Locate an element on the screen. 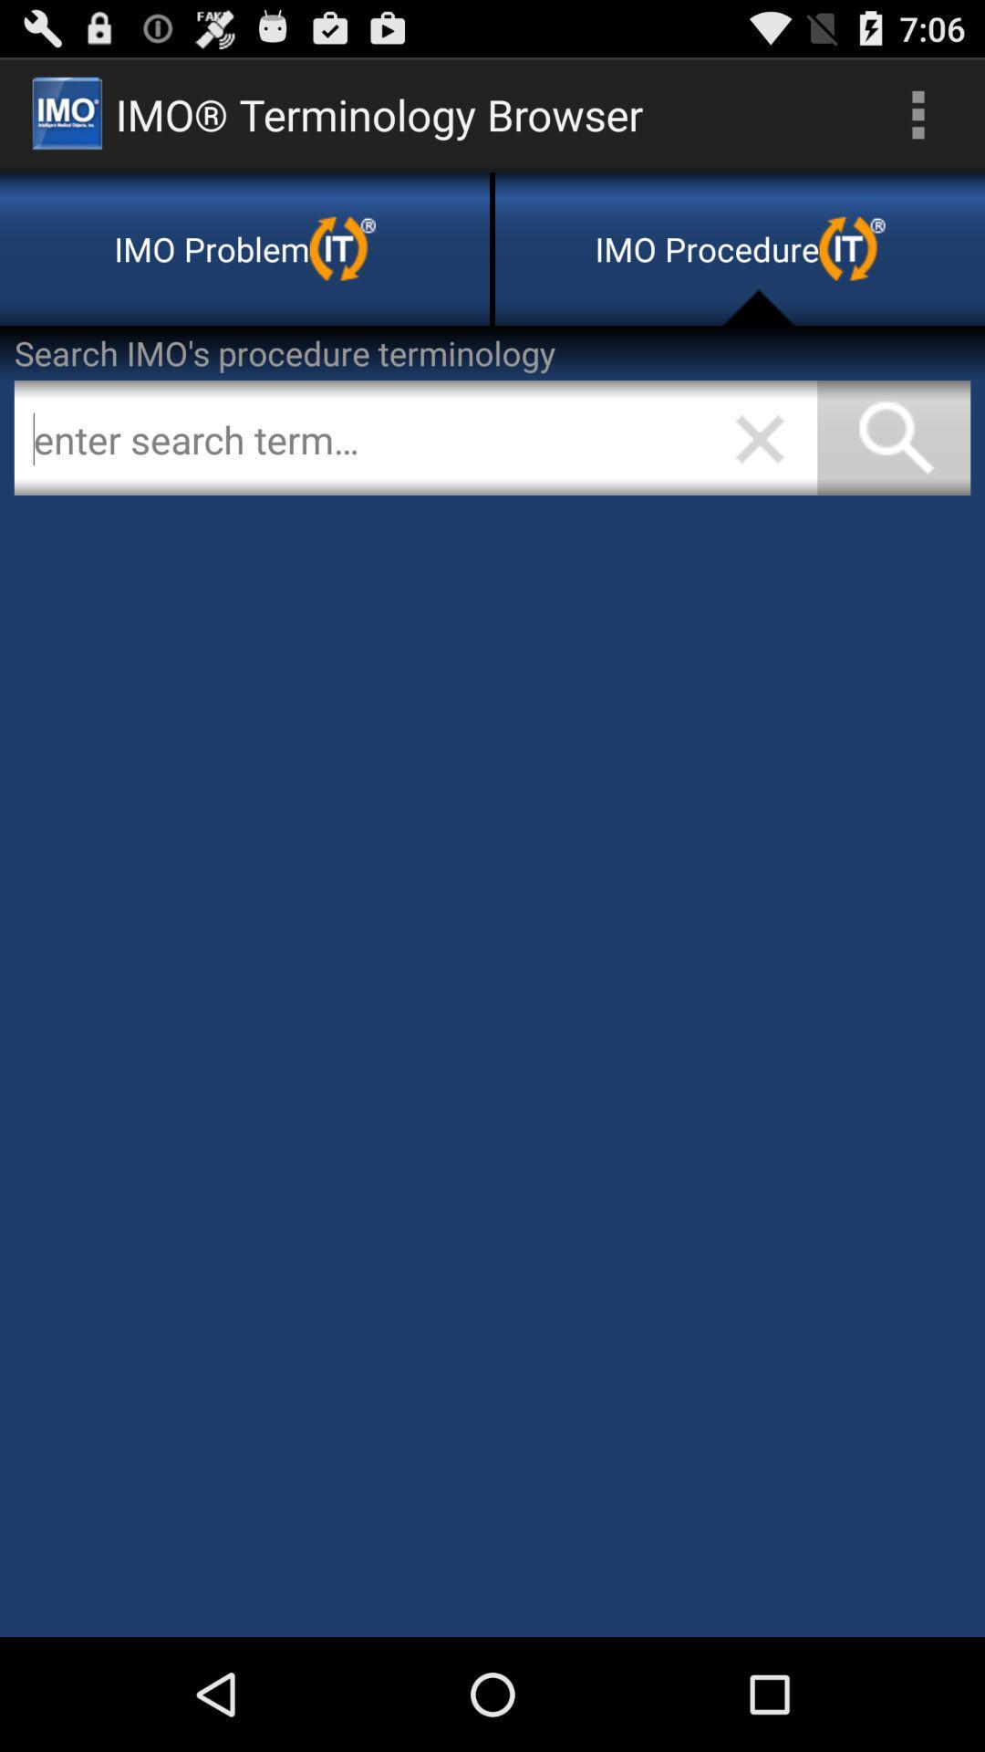  search for a term is located at coordinates (415, 438).